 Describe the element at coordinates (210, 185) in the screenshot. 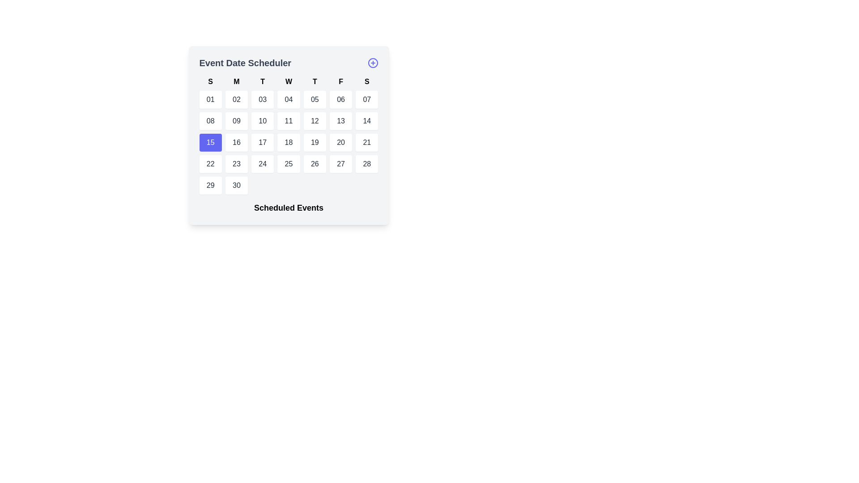

I see `the button representing the 29th day of the month in the bottom-left corner of the fifth row and first column of the calendar interface` at that location.